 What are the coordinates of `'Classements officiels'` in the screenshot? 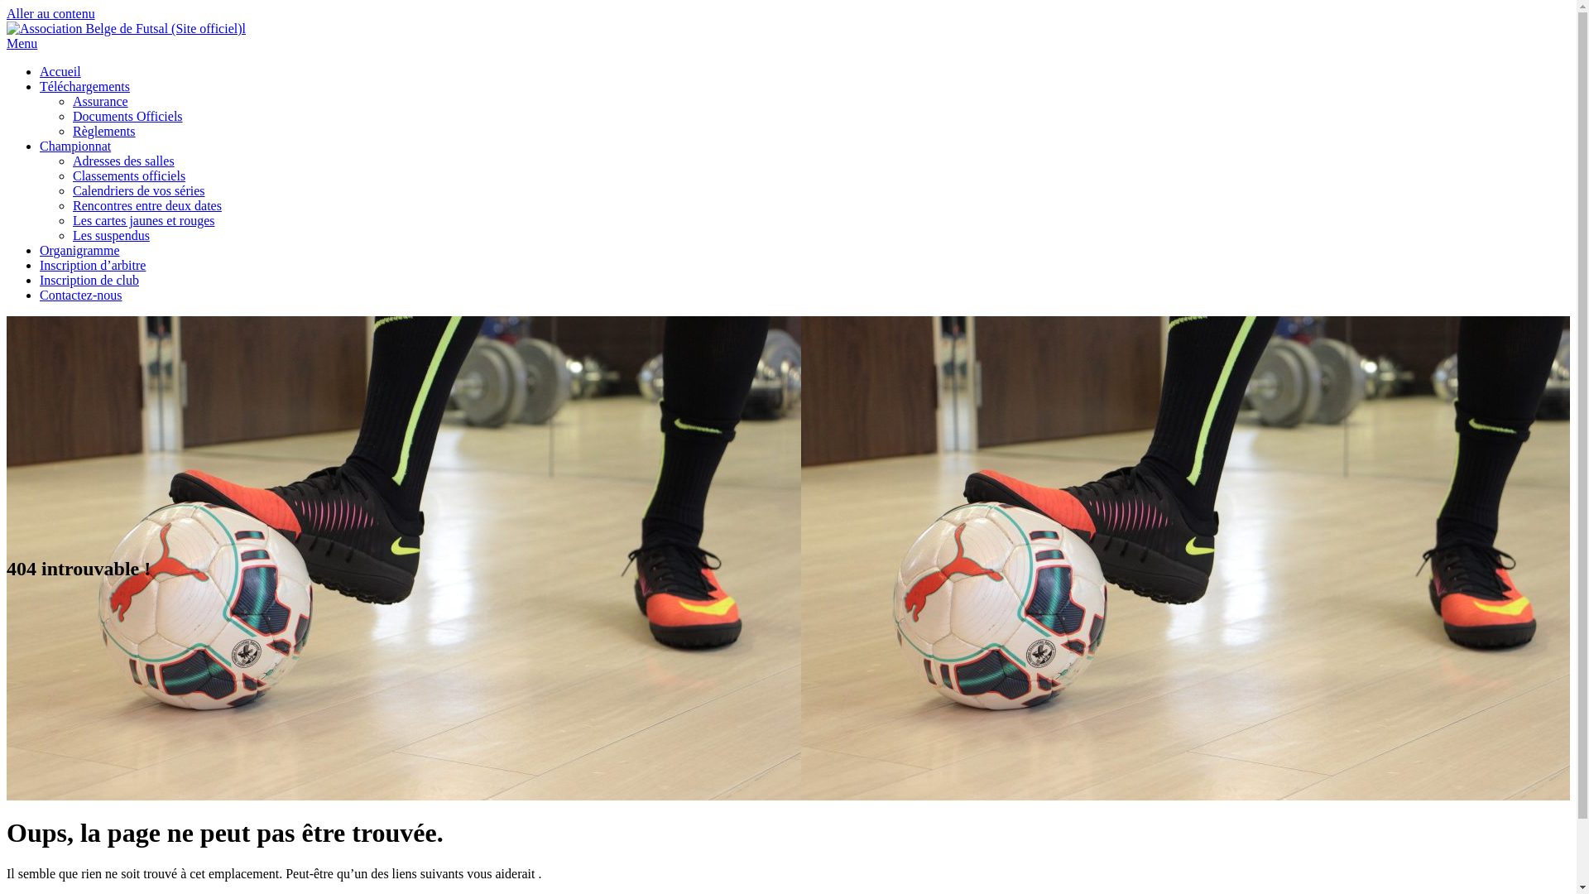 It's located at (128, 175).